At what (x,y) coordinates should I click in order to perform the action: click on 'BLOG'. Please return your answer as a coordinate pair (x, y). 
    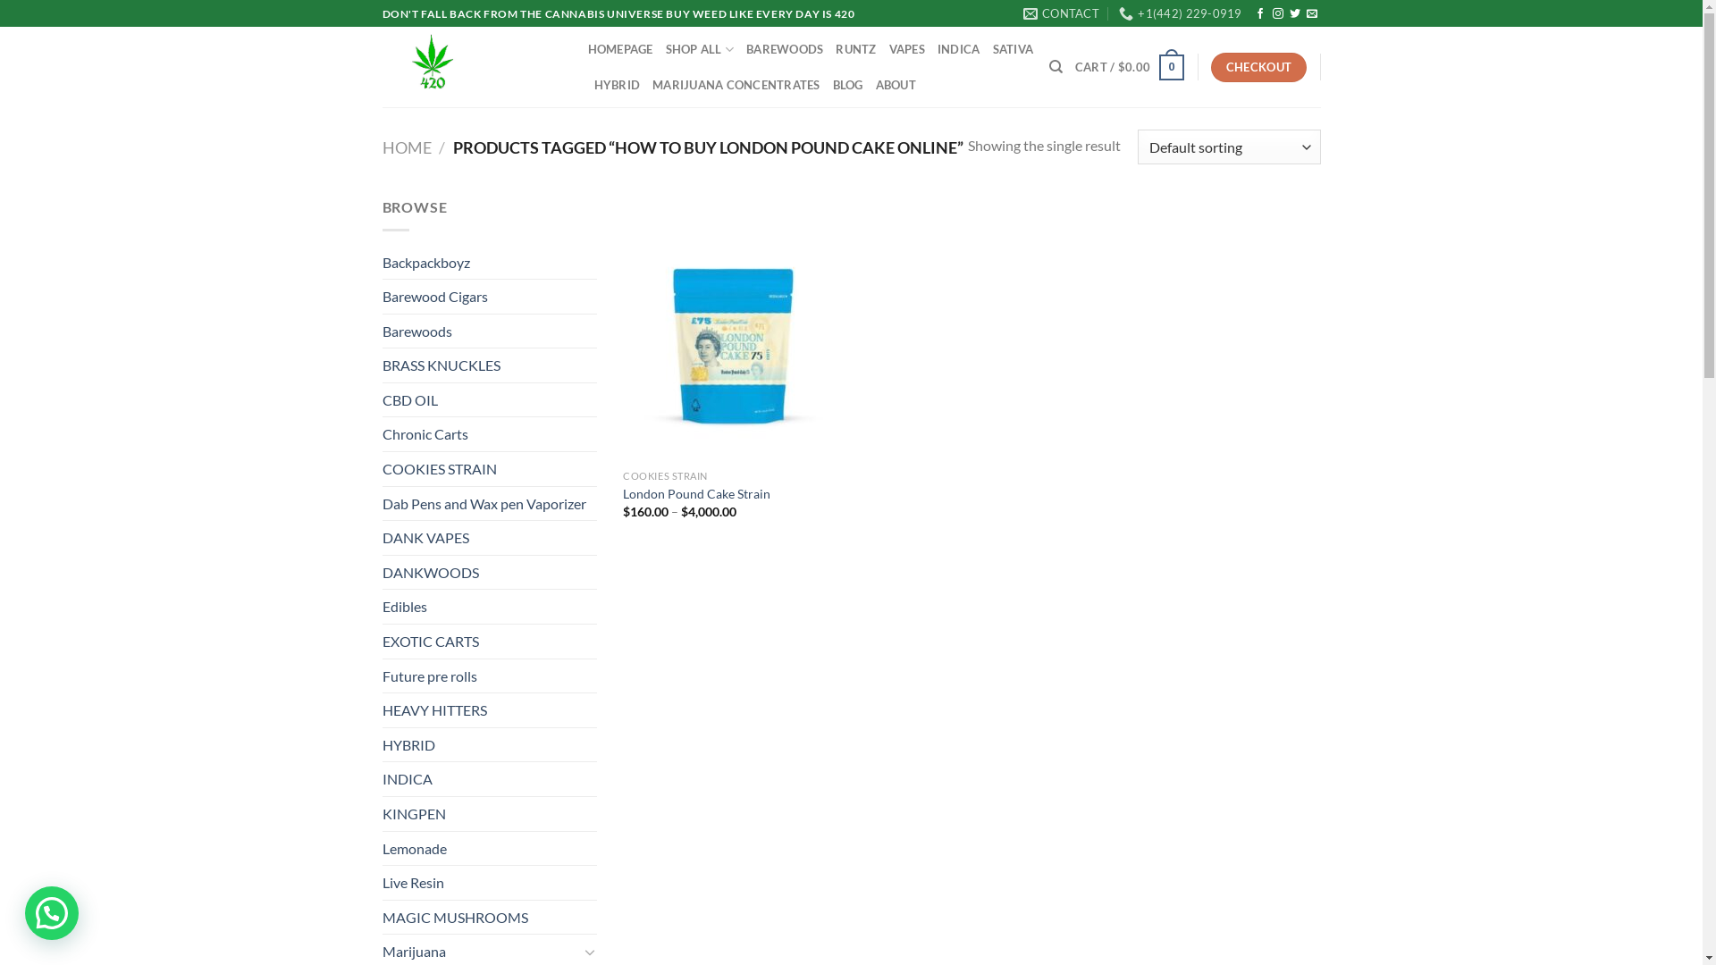
    Looking at the image, I should click on (847, 85).